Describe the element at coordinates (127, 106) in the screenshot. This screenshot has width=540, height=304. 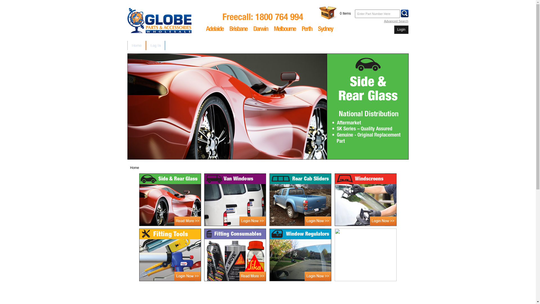
I see `' 2014 - RED CAR SIDE AND REAR '` at that location.